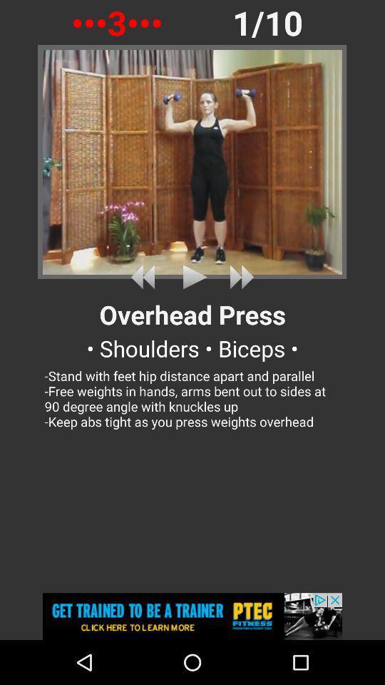 This screenshot has width=385, height=685. Describe the element at coordinates (192, 276) in the screenshot. I see `the option` at that location.